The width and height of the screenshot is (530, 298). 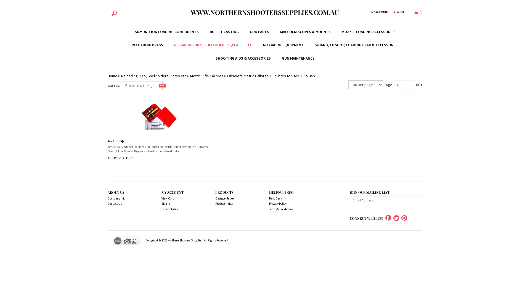 What do you see at coordinates (290, 199) in the screenshot?
I see `'Help Desk'` at bounding box center [290, 199].